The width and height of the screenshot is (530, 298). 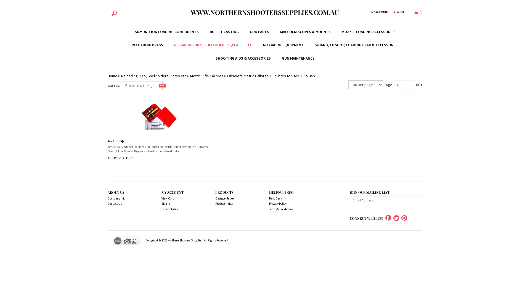 What do you see at coordinates (290, 199) in the screenshot?
I see `'Help Desk'` at bounding box center [290, 199].